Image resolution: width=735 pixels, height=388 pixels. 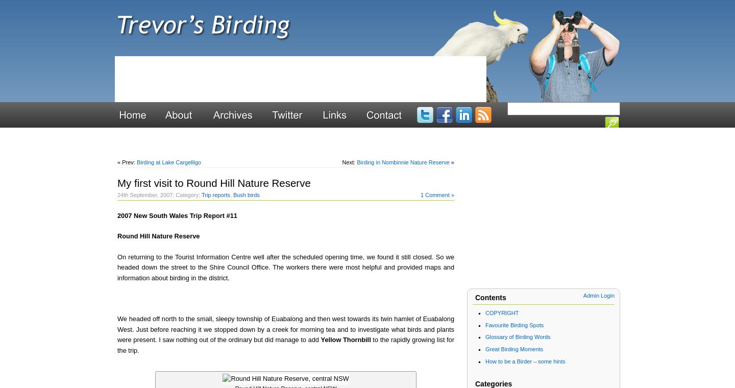 What do you see at coordinates (513, 349) in the screenshot?
I see `'Great Birding Moments'` at bounding box center [513, 349].